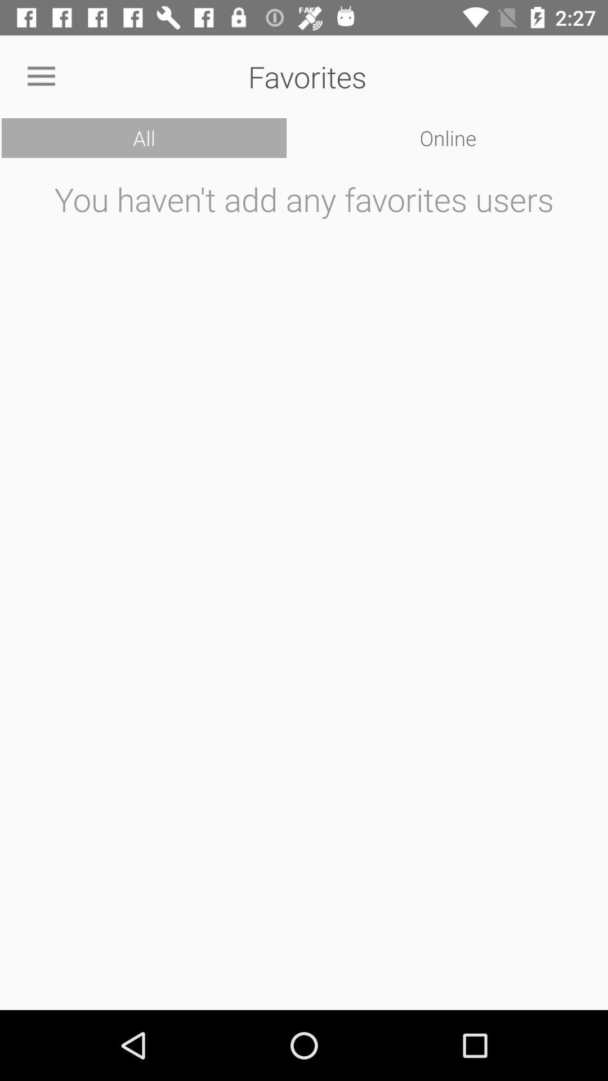 The image size is (608, 1081). I want to click on item at the center, so click(304, 587).